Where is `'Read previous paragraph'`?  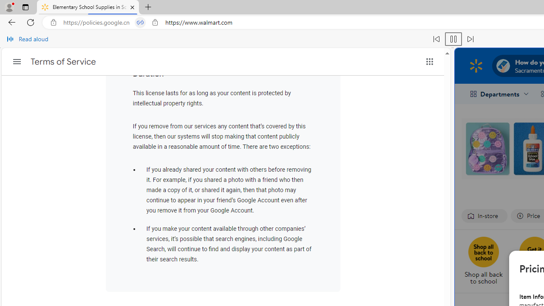
'Read previous paragraph' is located at coordinates (436, 39).